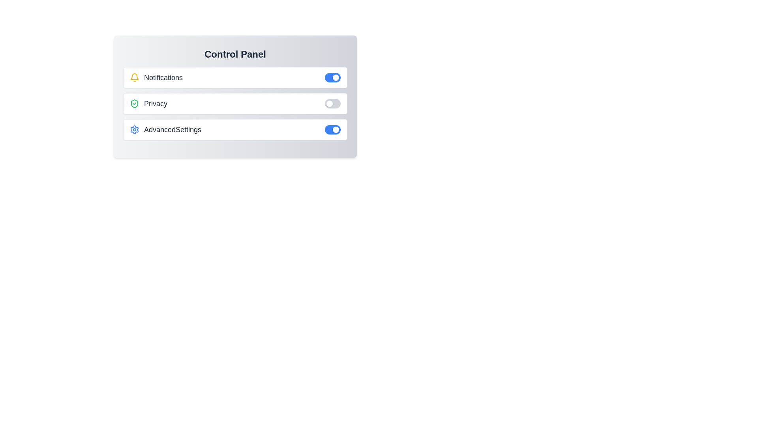  What do you see at coordinates (235, 96) in the screenshot?
I see `the center of the feature panel to bring it into focus` at bounding box center [235, 96].